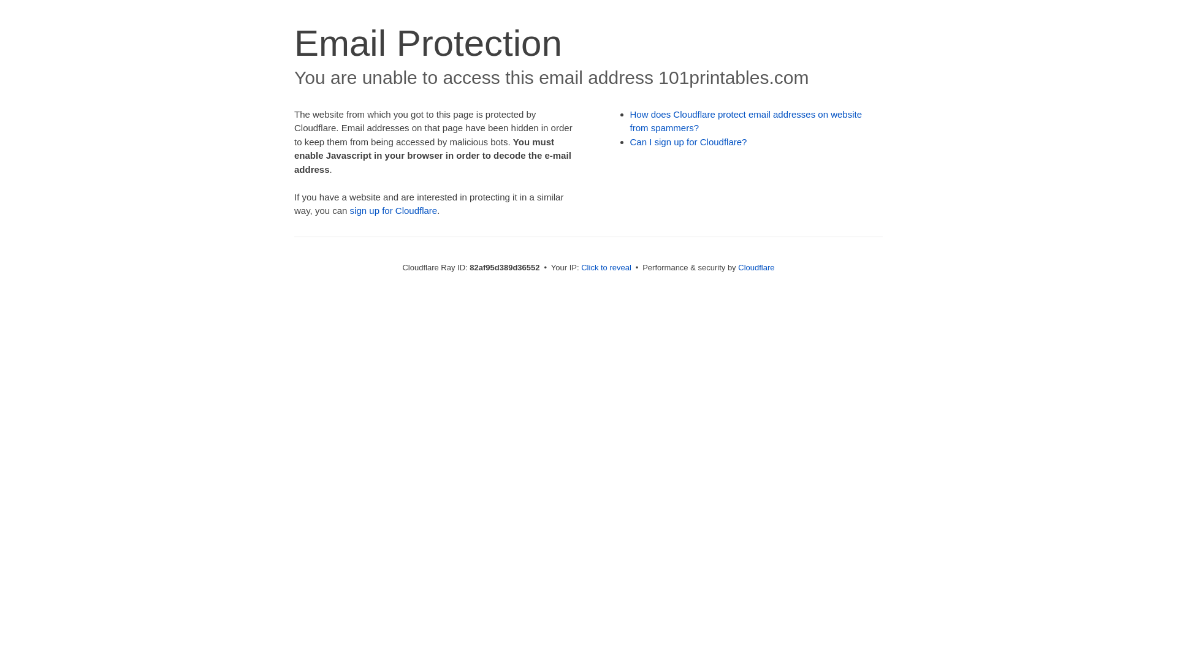  Describe the element at coordinates (688, 141) in the screenshot. I see `'Can I sign up for Cloudflare?'` at that location.